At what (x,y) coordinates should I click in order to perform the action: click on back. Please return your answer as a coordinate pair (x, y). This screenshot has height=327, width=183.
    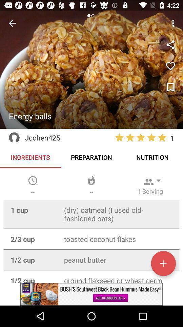
    Looking at the image, I should click on (12, 23).